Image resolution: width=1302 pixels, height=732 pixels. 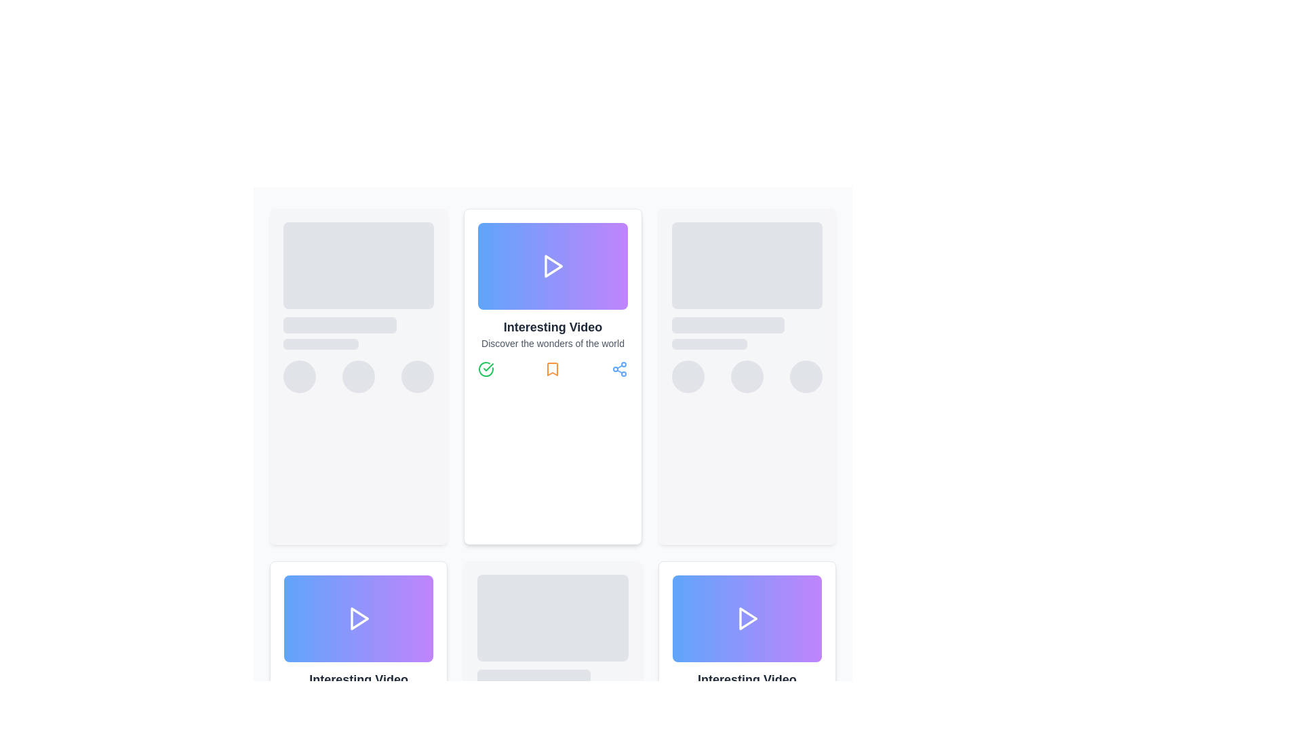 What do you see at coordinates (359, 619) in the screenshot?
I see `the Play Triangle icon, which is a triangular icon resembling a play button with a white outline against a gradient blue-purple background, to initiate playback` at bounding box center [359, 619].